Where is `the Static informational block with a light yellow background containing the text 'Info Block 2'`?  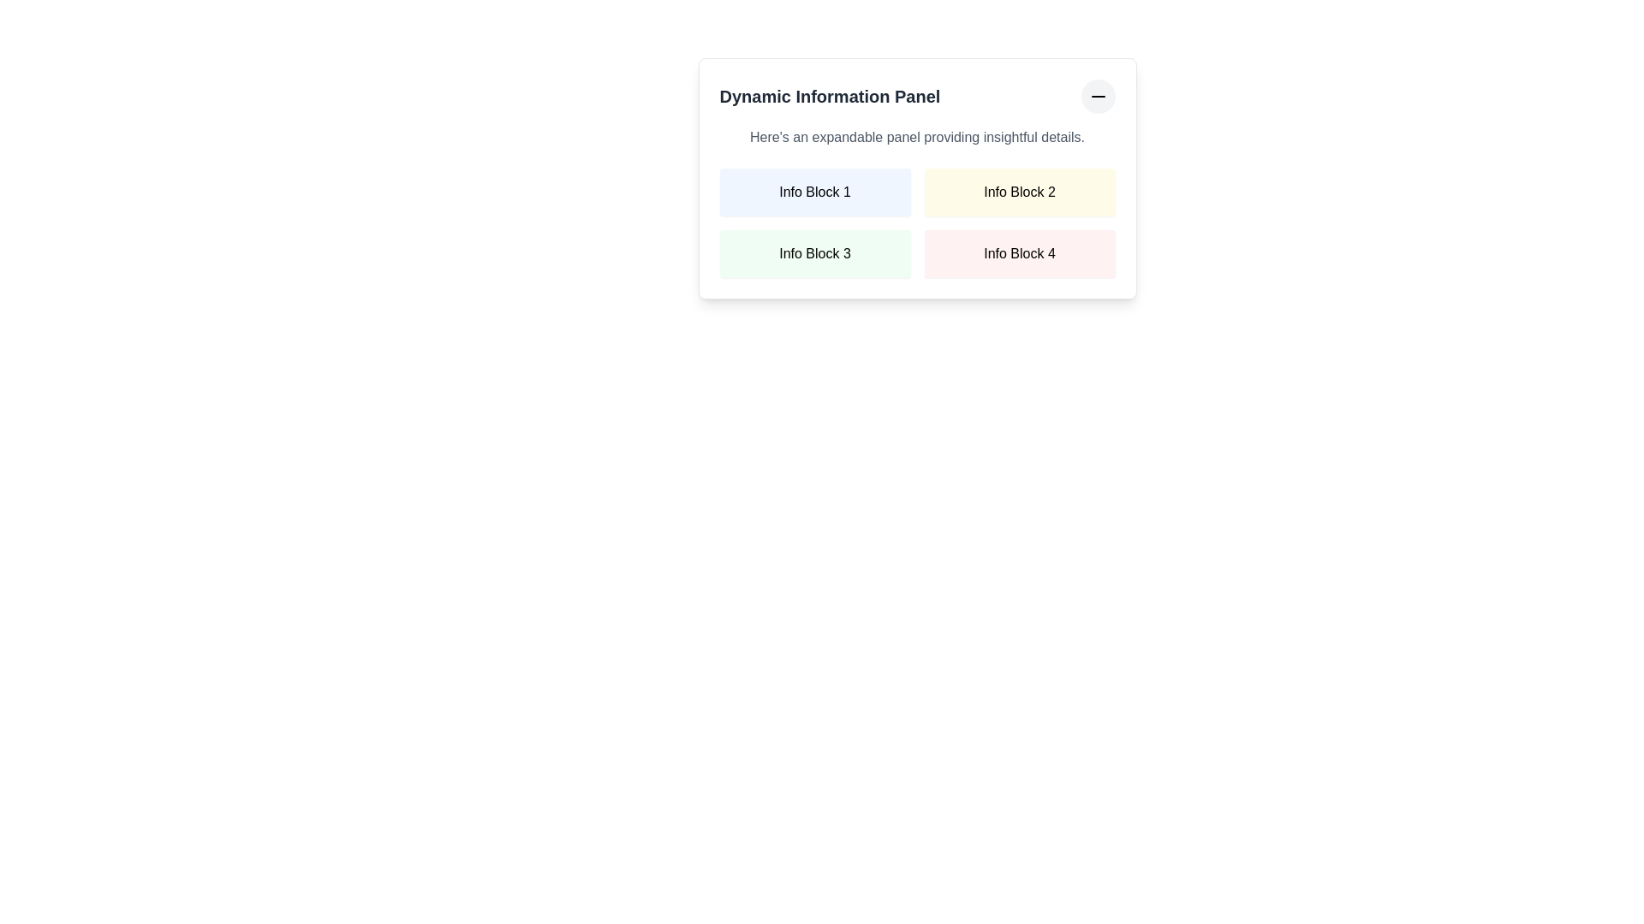
the Static informational block with a light yellow background containing the text 'Info Block 2' is located at coordinates (1019, 192).